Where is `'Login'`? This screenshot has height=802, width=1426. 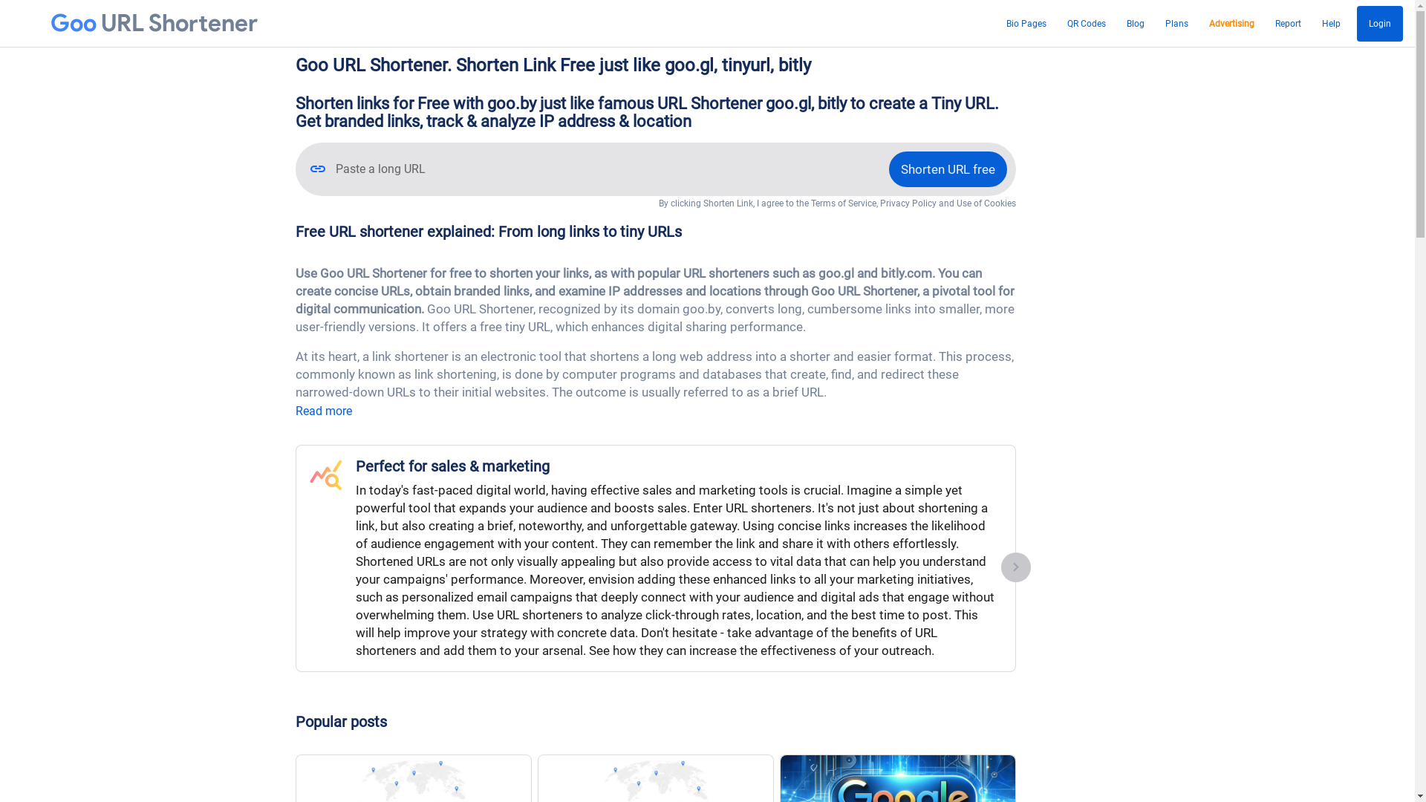 'Login' is located at coordinates (1357, 23).